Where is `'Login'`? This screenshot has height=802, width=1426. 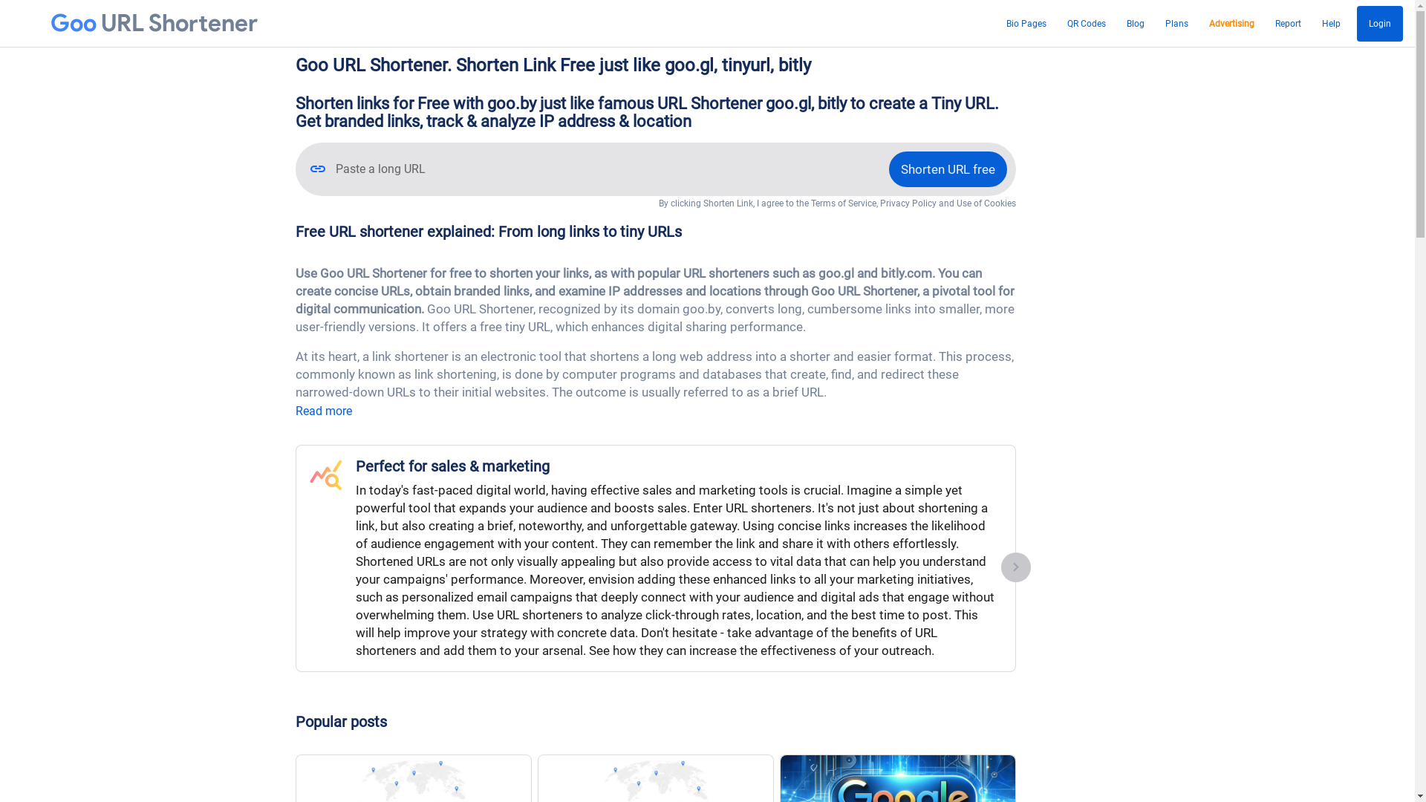 'Login' is located at coordinates (1357, 23).